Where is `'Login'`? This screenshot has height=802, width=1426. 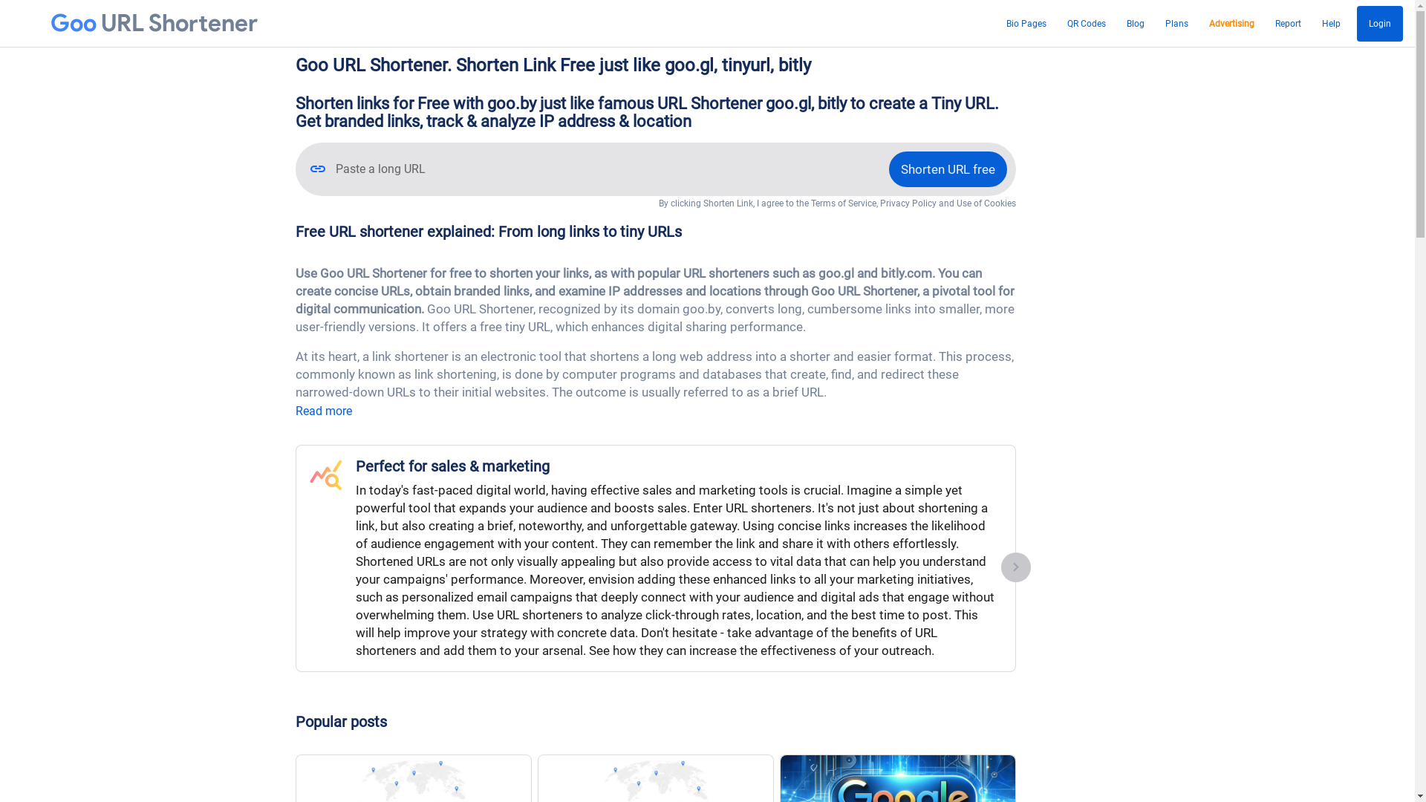 'Login' is located at coordinates (1357, 23).